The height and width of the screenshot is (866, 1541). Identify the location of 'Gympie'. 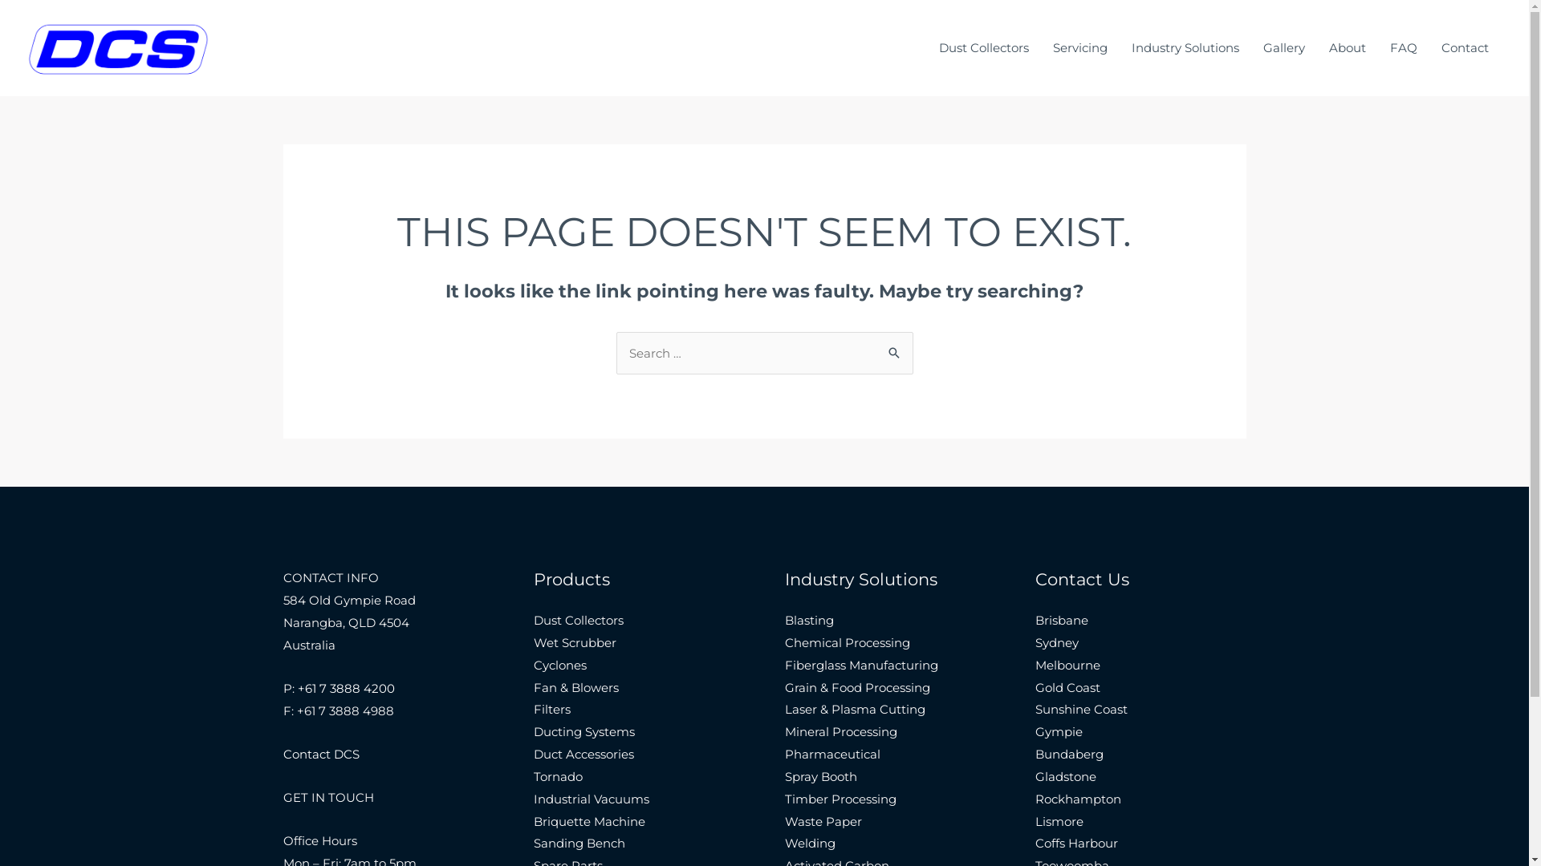
(1059, 731).